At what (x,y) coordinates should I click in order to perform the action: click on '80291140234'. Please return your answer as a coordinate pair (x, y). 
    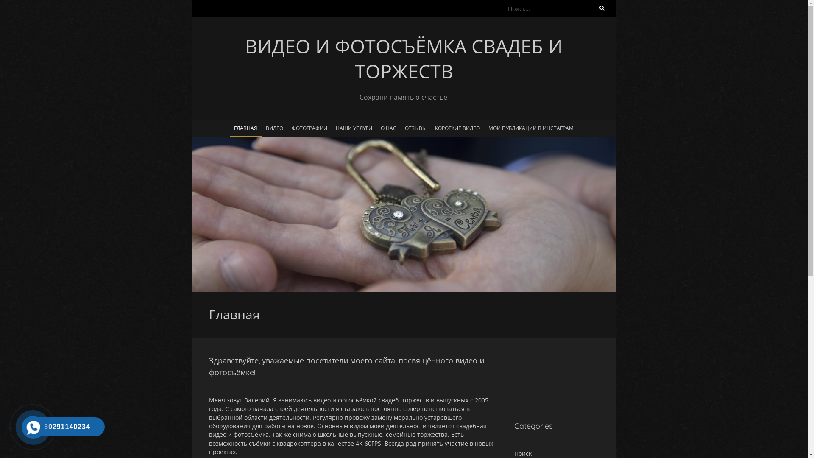
    Looking at the image, I should click on (31, 427).